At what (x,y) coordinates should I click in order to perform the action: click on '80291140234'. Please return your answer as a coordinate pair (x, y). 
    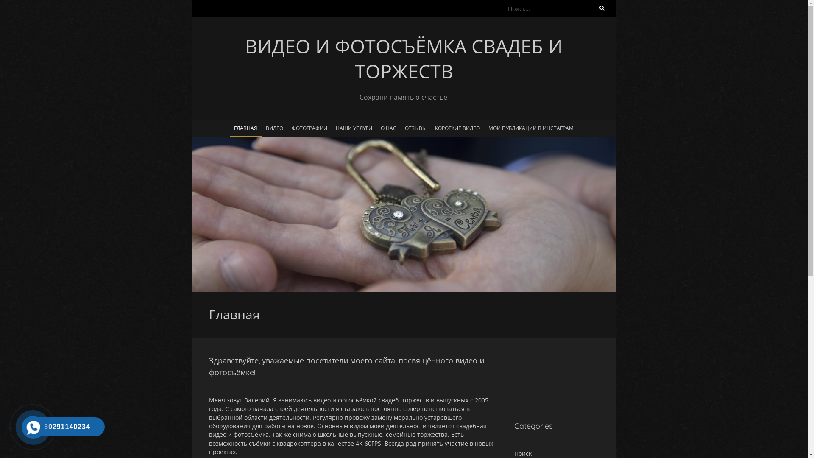
    Looking at the image, I should click on (31, 427).